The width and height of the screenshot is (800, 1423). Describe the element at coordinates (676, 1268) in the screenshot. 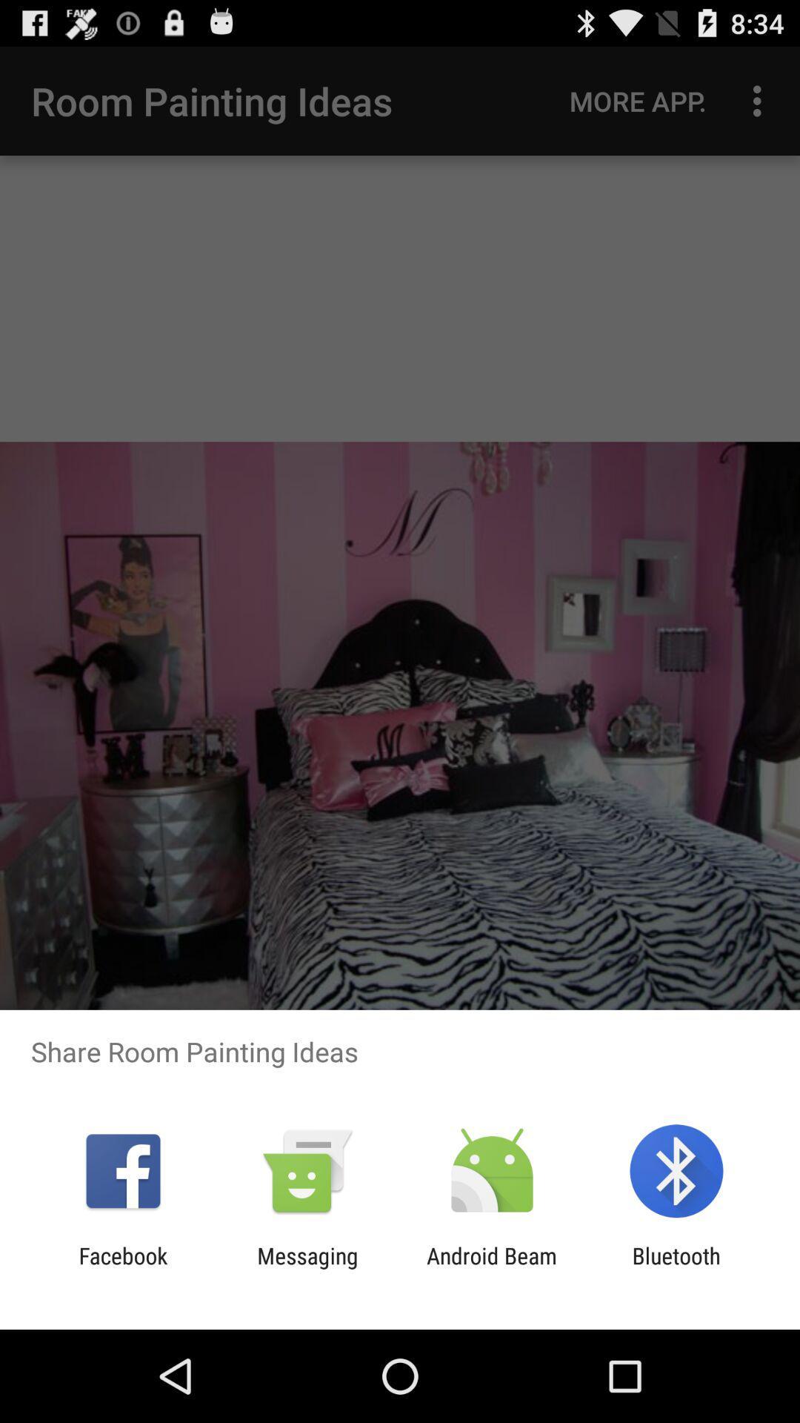

I see `the app next to the android beam icon` at that location.